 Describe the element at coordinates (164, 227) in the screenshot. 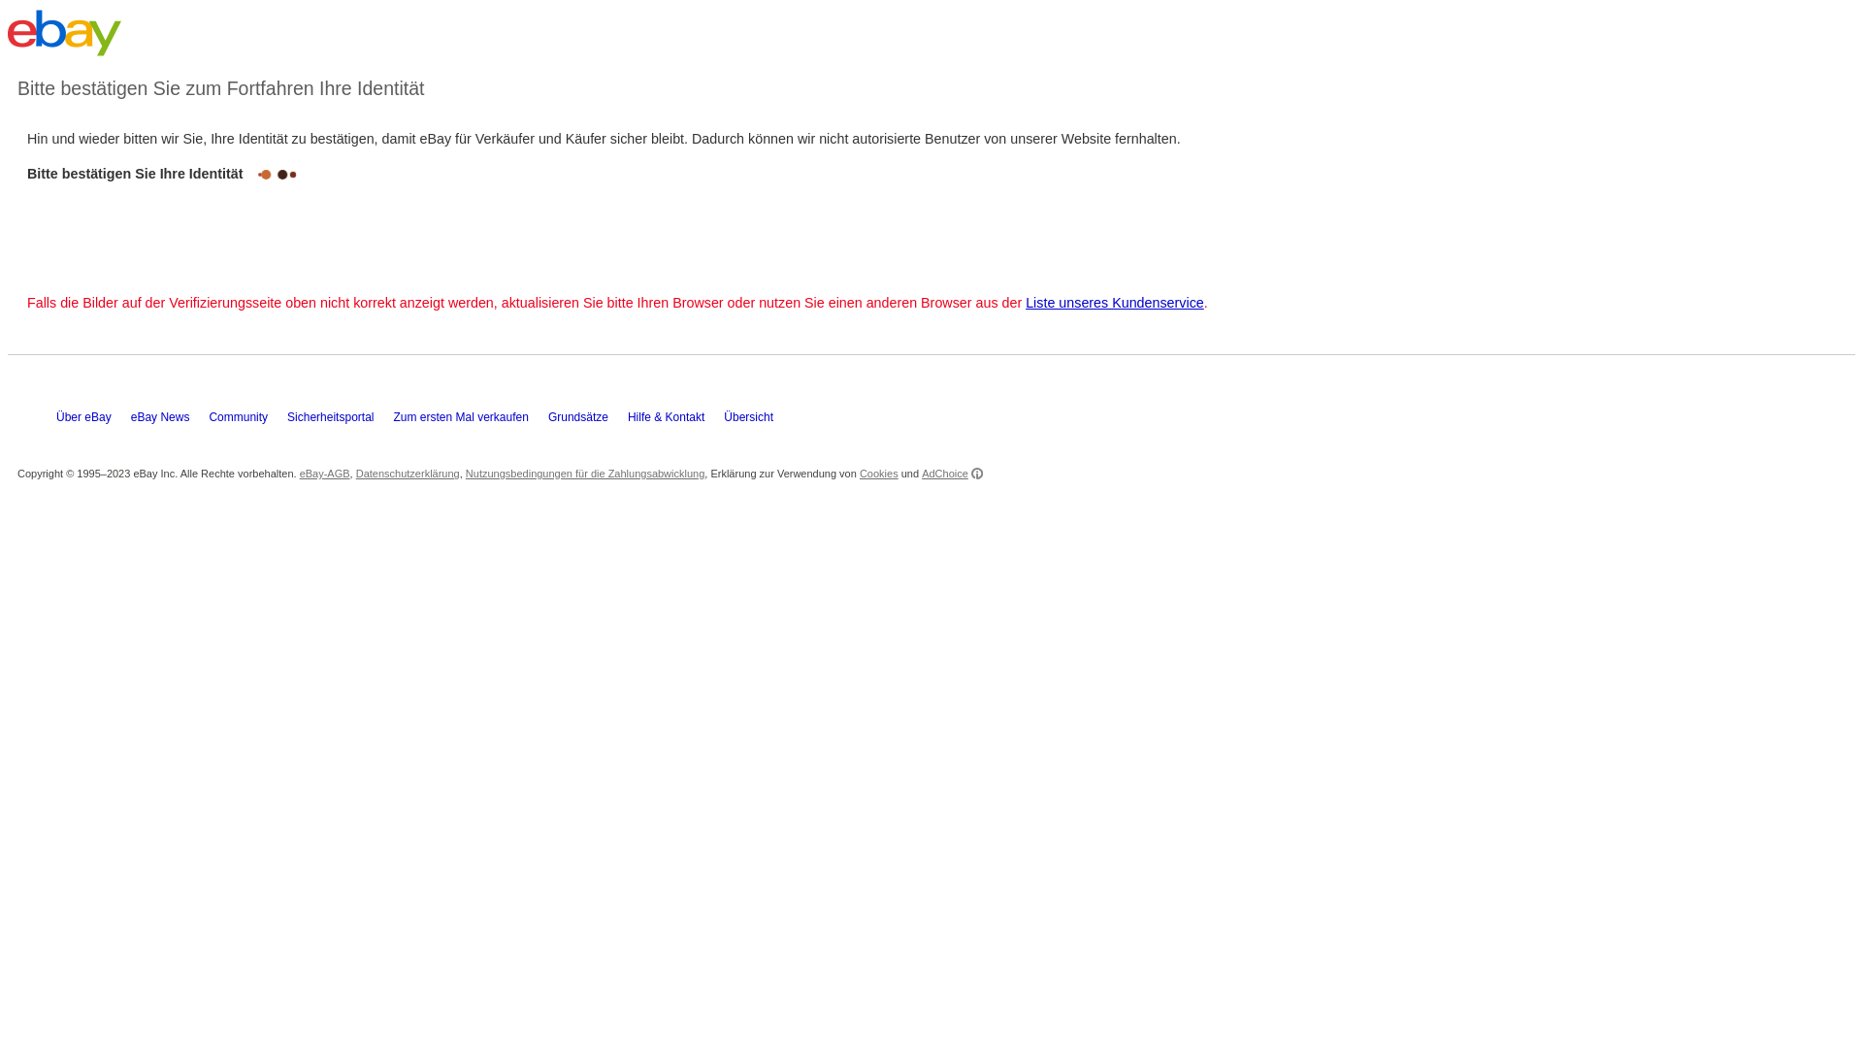

I see `'Widget containing checkbox for hCaptcha security challenge'` at that location.